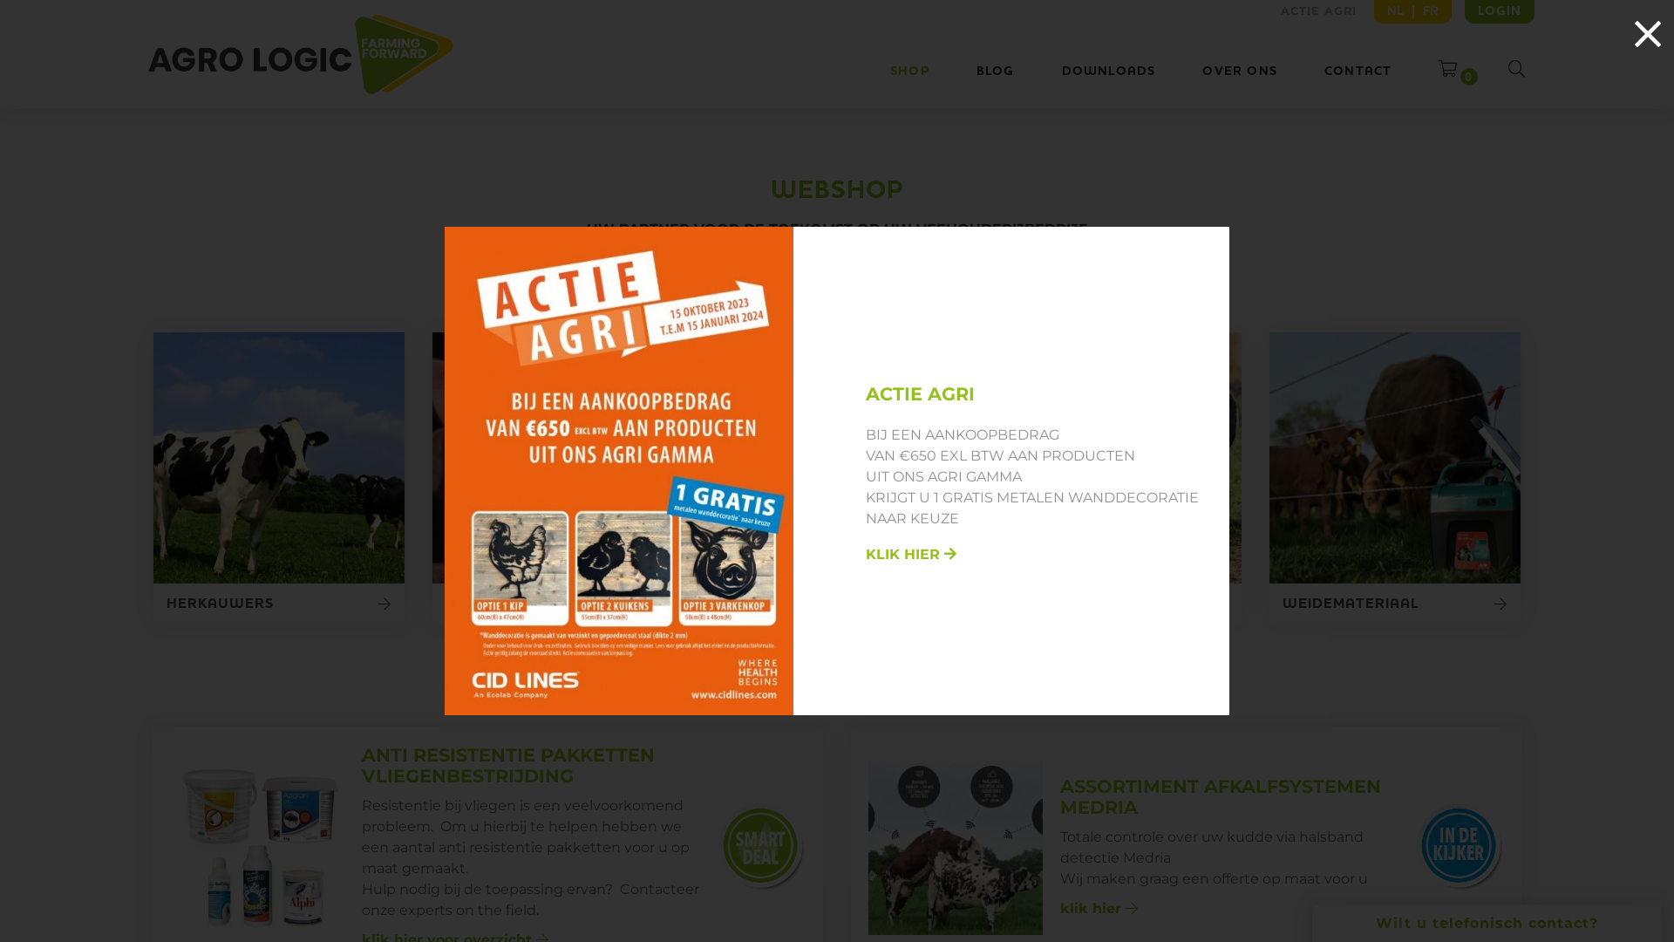 The height and width of the screenshot is (942, 1674). I want to click on 'OVER ONS', so click(1238, 70).